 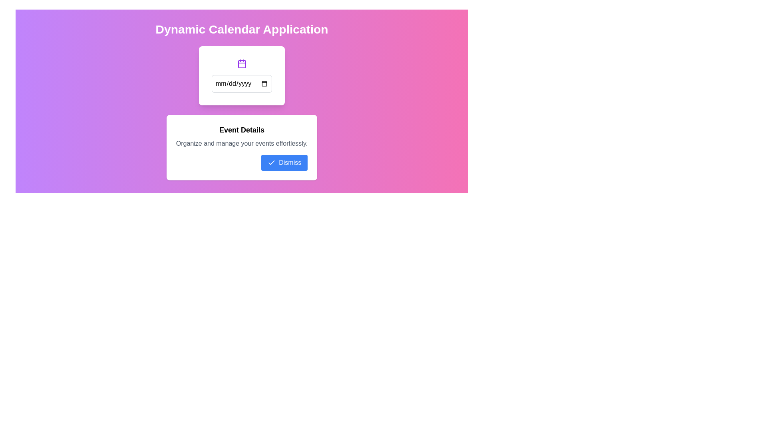 What do you see at coordinates (241, 63) in the screenshot?
I see `the purple calendar icon with a bold outline and curved edges, centrally positioned above the date input field` at bounding box center [241, 63].